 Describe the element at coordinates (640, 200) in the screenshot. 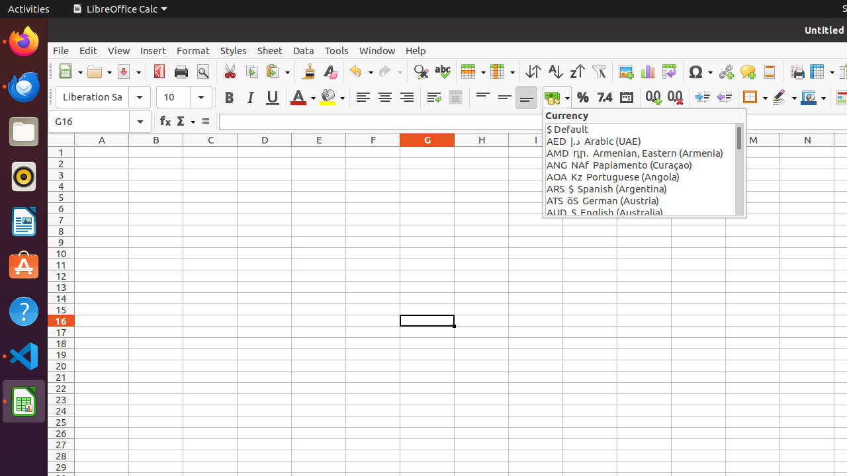

I see `'‪ATS‬  ‪öS‬  ‪German (Austria)‬'` at that location.